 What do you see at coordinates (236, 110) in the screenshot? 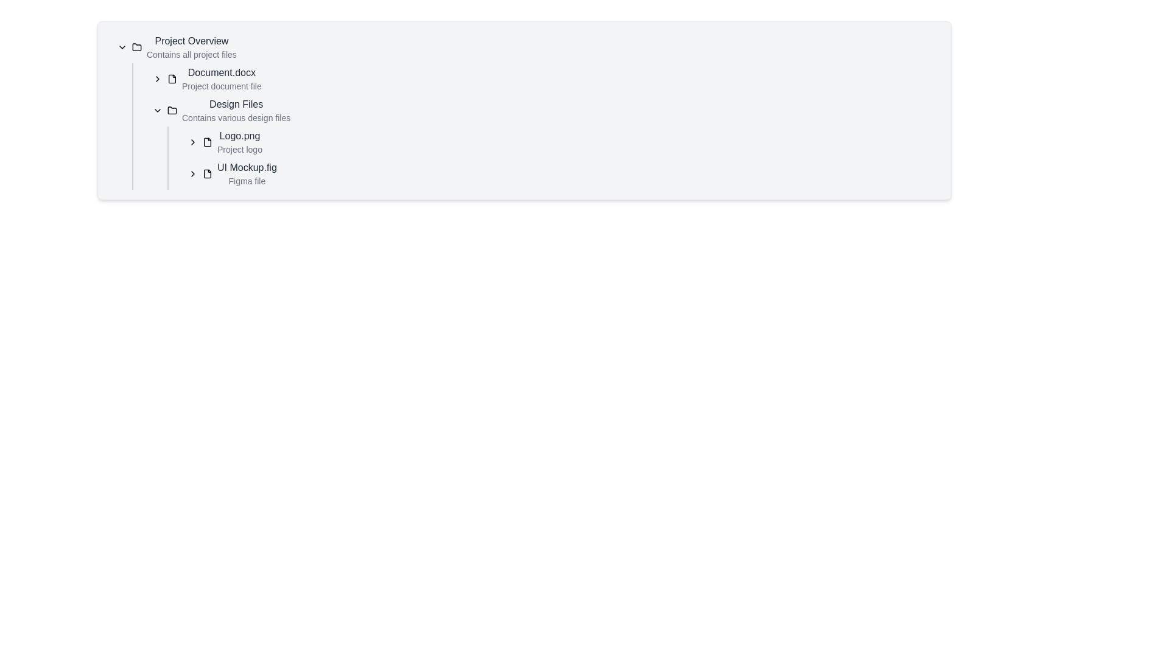
I see `the static text element displaying 'Design Files' which is located in the left pane under 'Document.docx' and above 'Logo.png' and 'UI Mockup.fig'` at bounding box center [236, 110].